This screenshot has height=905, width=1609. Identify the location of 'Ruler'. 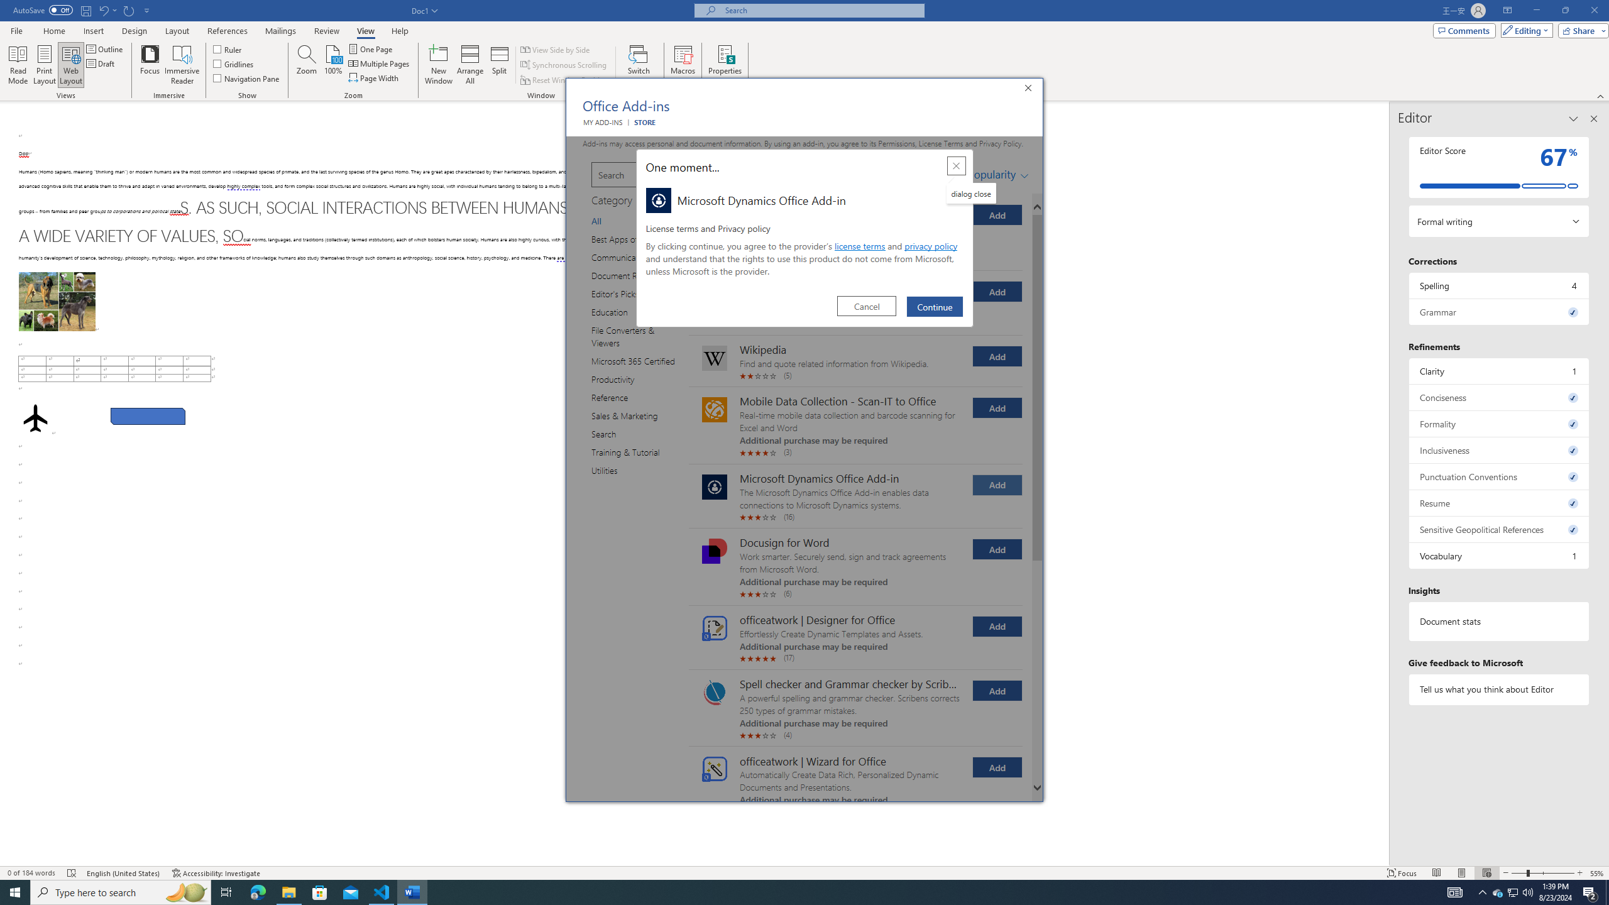
(228, 48).